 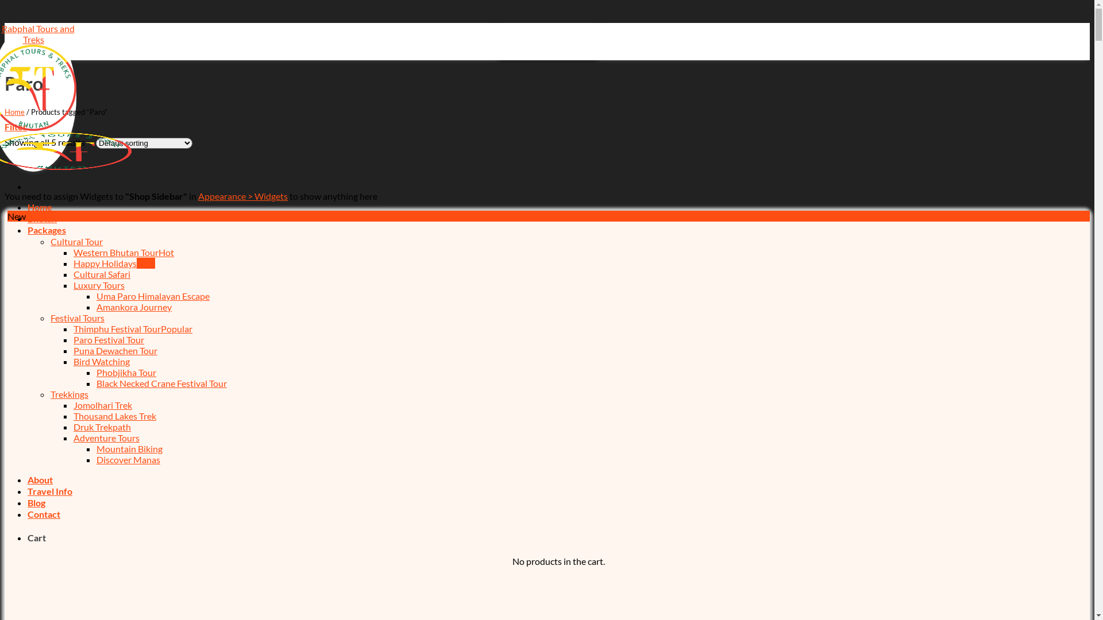 I want to click on 'About', so click(x=40, y=479).